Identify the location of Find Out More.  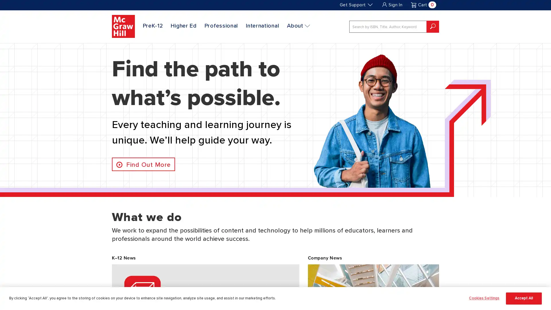
(143, 164).